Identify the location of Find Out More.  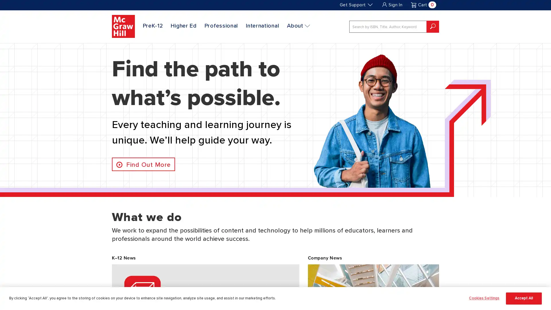
(143, 164).